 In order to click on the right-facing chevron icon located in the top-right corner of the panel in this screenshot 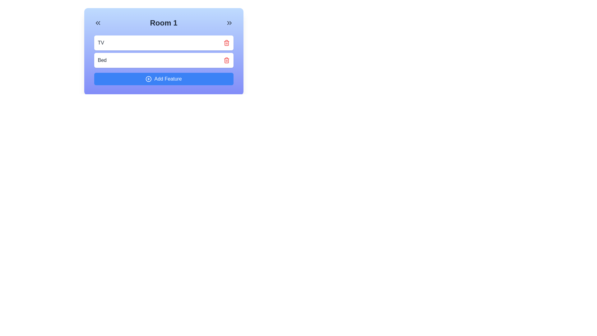, I will do `click(230, 22)`.